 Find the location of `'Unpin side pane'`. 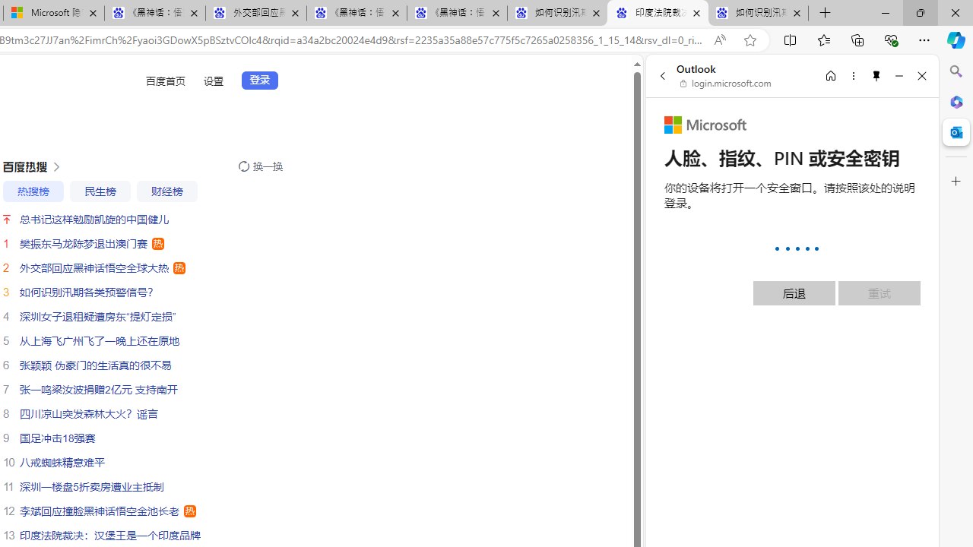

'Unpin side pane' is located at coordinates (876, 75).